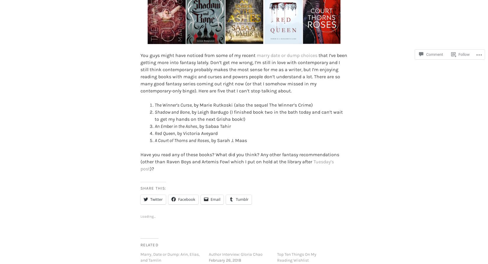  What do you see at coordinates (164, 123) in the screenshot?
I see `'Red Queen'` at bounding box center [164, 123].